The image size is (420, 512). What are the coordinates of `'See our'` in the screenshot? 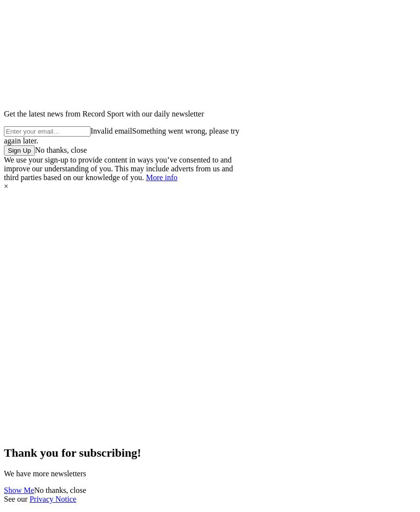 It's located at (3, 498).